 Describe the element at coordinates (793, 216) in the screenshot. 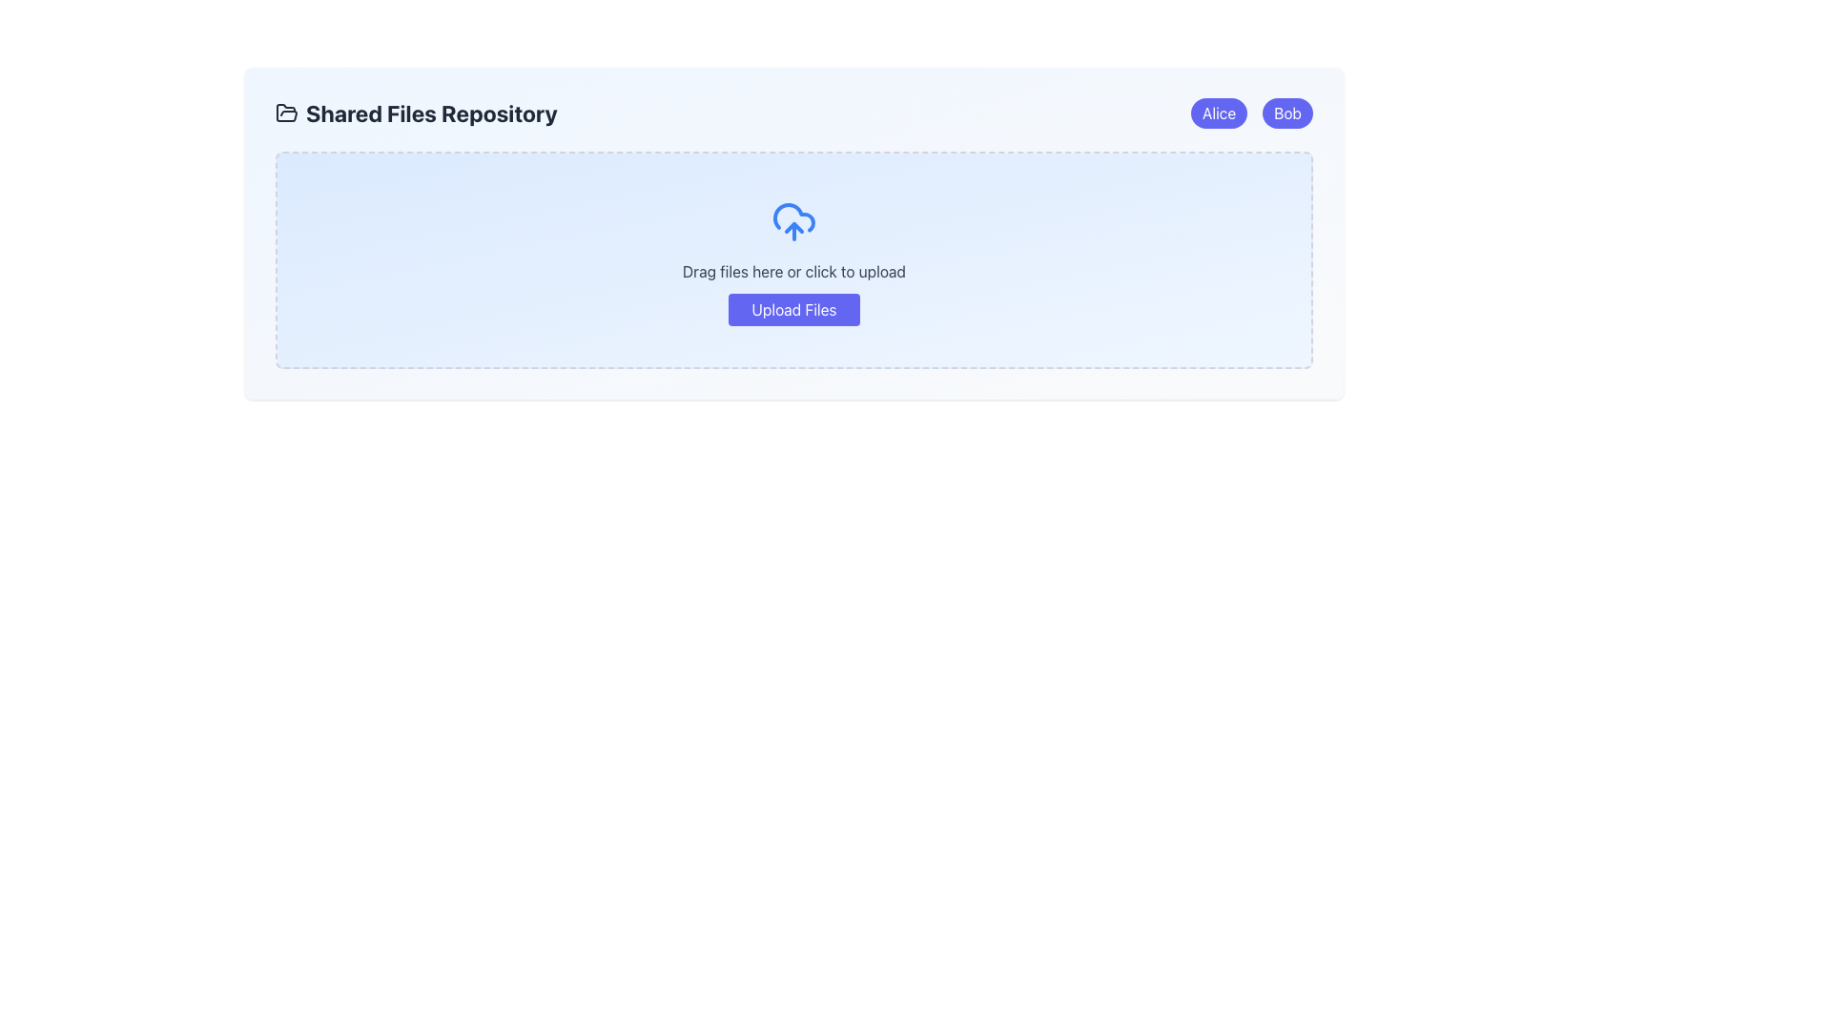

I see `the left side arc of the cloud icon, which is part of a blue outlined cloud on a white background, located within a faintly shaded blue rectangular upload area` at that location.